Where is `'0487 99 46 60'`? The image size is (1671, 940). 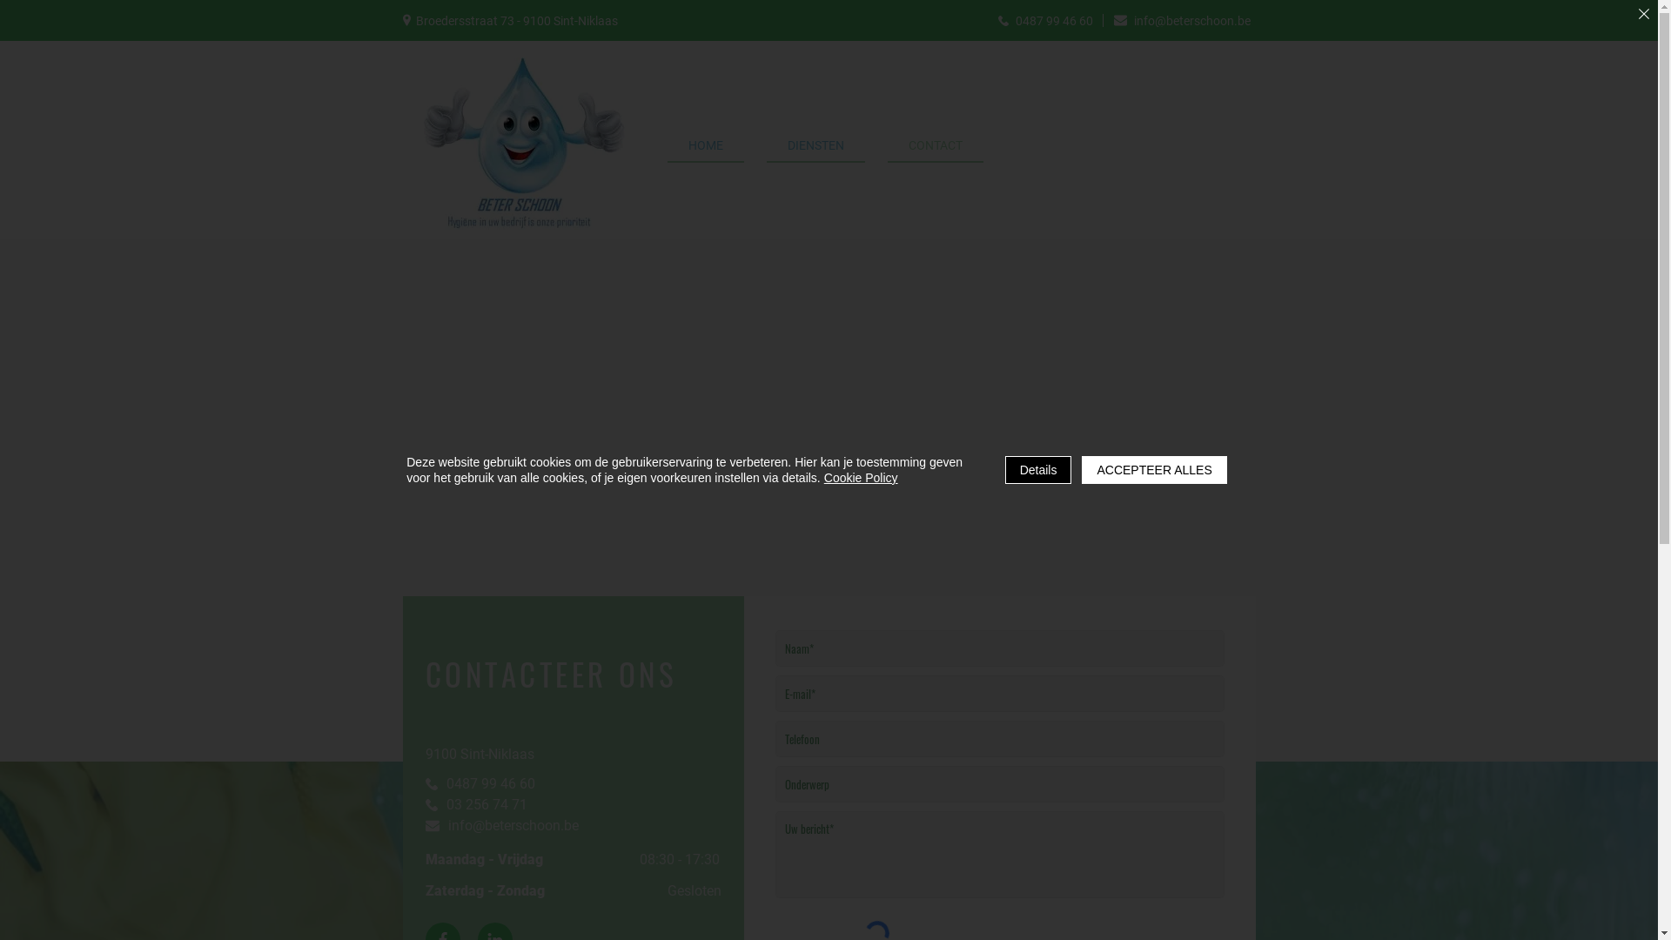 '0487 99 46 60' is located at coordinates (507, 782).